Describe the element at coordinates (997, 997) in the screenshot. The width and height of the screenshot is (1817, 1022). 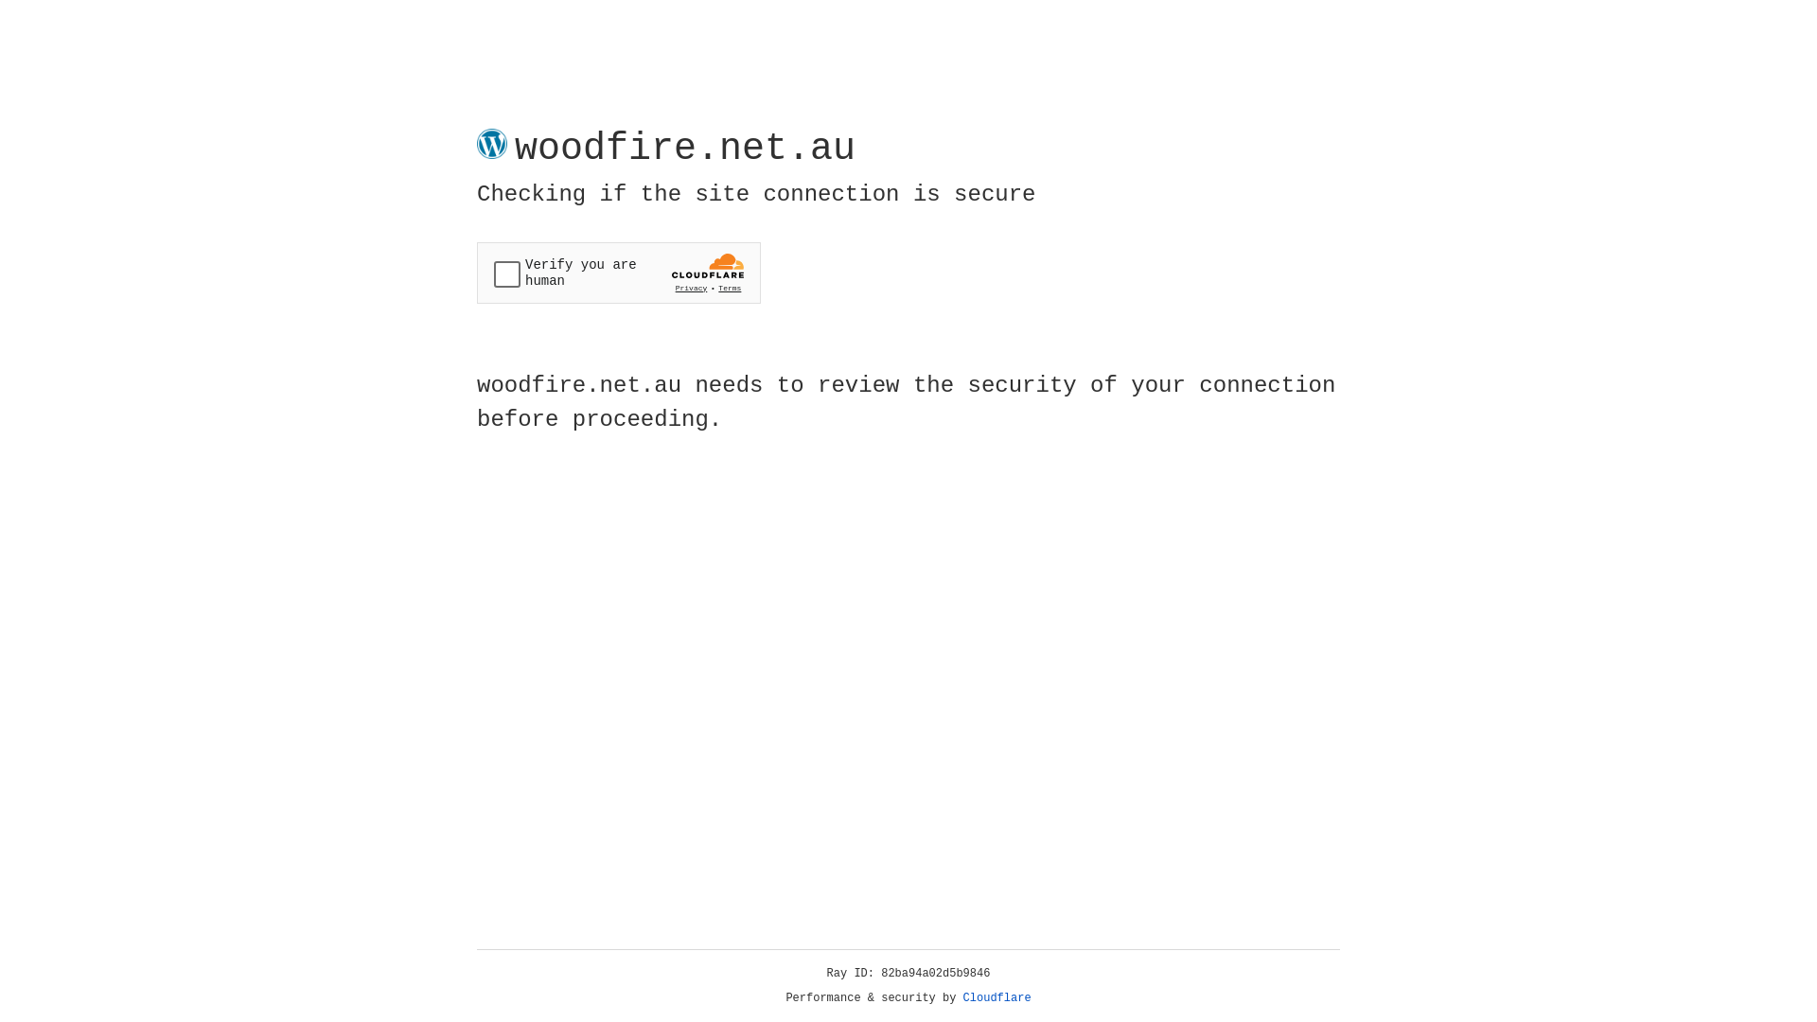
I see `'Cloudflare'` at that location.